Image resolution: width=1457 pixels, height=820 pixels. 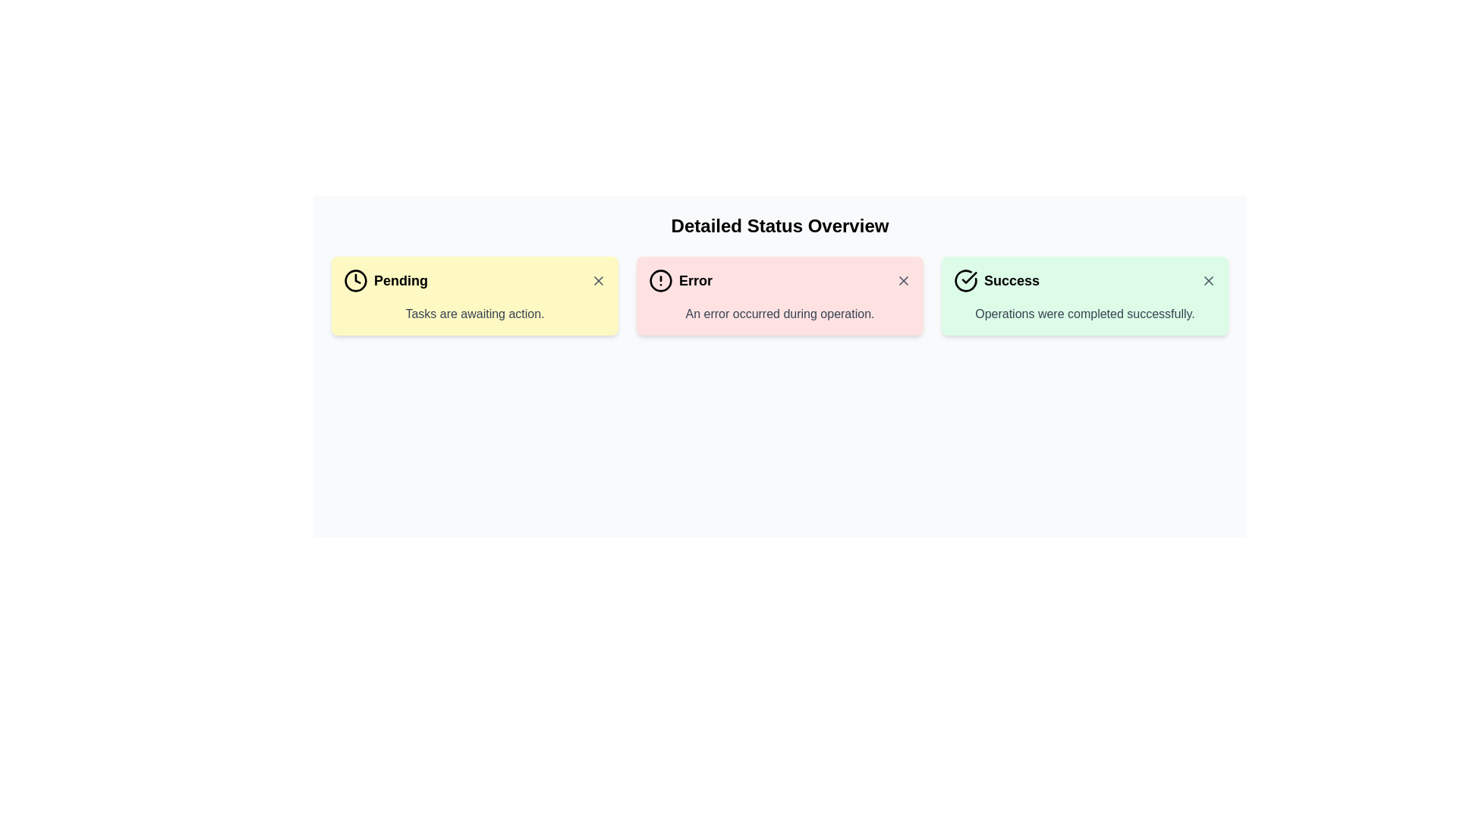 I want to click on the SVG Circle that represents an error status in the middle column of notification boxes, so click(x=660, y=281).